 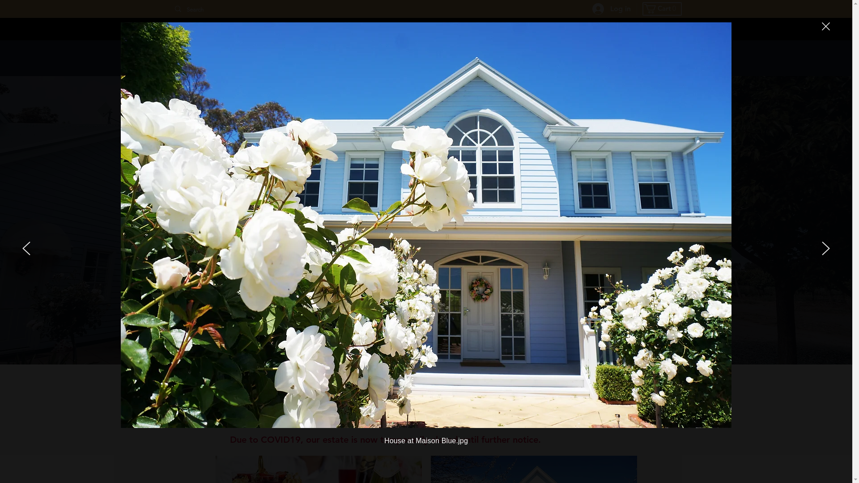 What do you see at coordinates (644, 8) in the screenshot?
I see `'Cart` at bounding box center [644, 8].